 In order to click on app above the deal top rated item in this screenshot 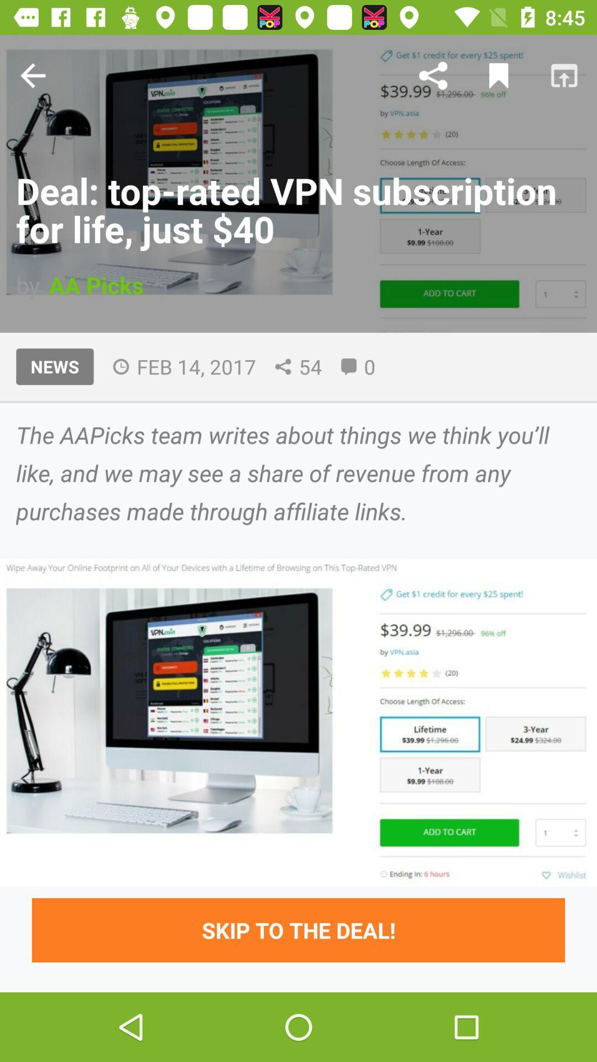, I will do `click(32, 75)`.